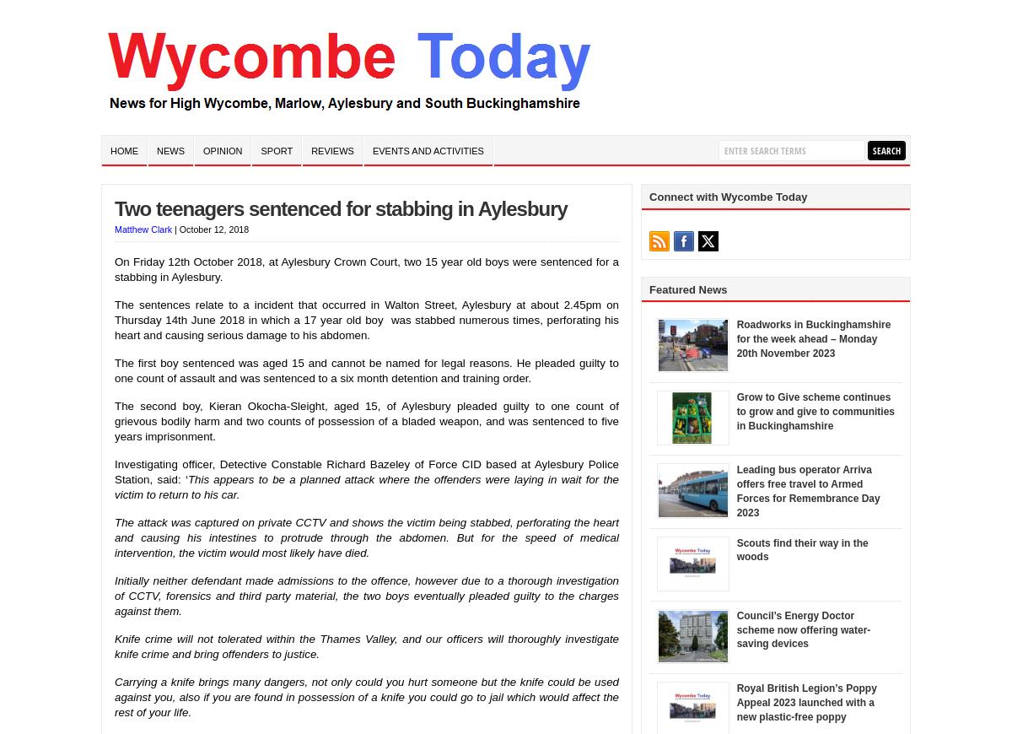 This screenshot has height=734, width=1012. Describe the element at coordinates (735, 338) in the screenshot. I see `'Roadworks in Buckinghamshire for the week ahead – Monday 20th November 2023'` at that location.